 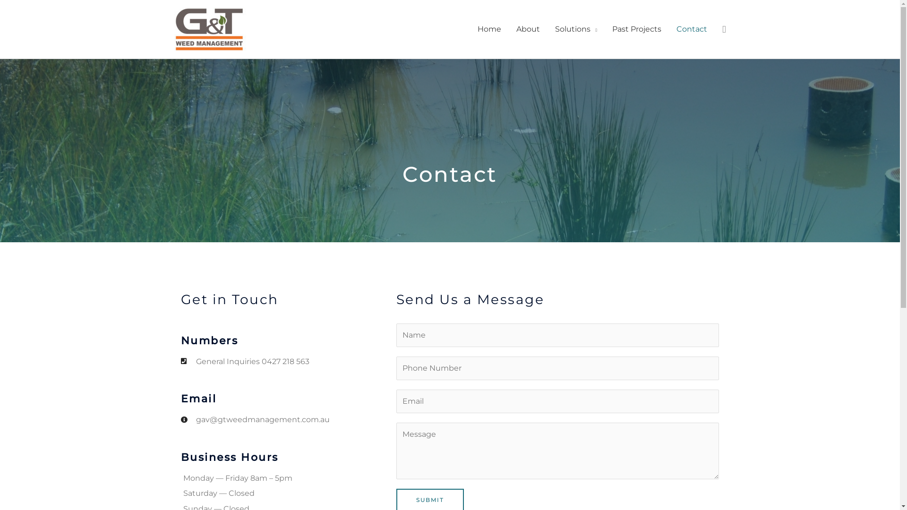 What do you see at coordinates (287, 361) in the screenshot?
I see `'General Inquiries 0427 218 563'` at bounding box center [287, 361].